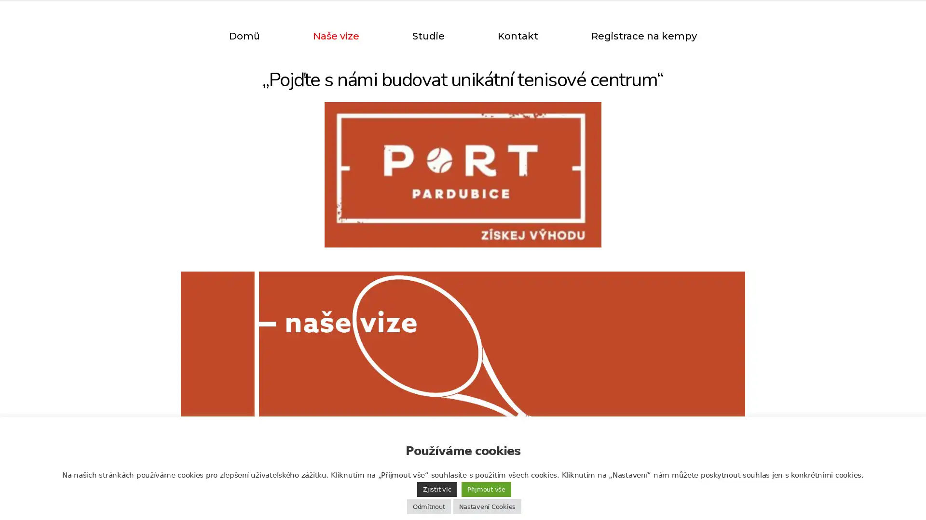 Image resolution: width=926 pixels, height=520 pixels. I want to click on Odmitnout, so click(428, 506).